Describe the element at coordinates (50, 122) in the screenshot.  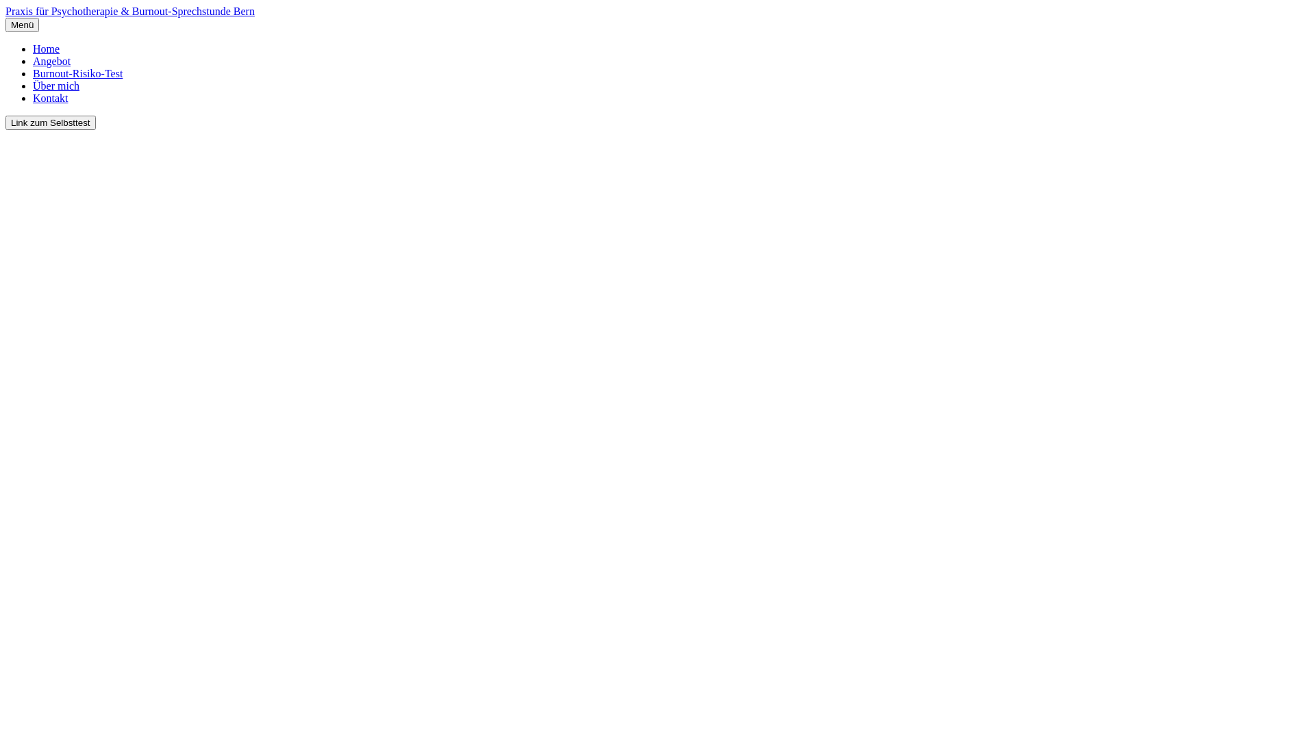
I see `'Link zum Selbsttest'` at that location.